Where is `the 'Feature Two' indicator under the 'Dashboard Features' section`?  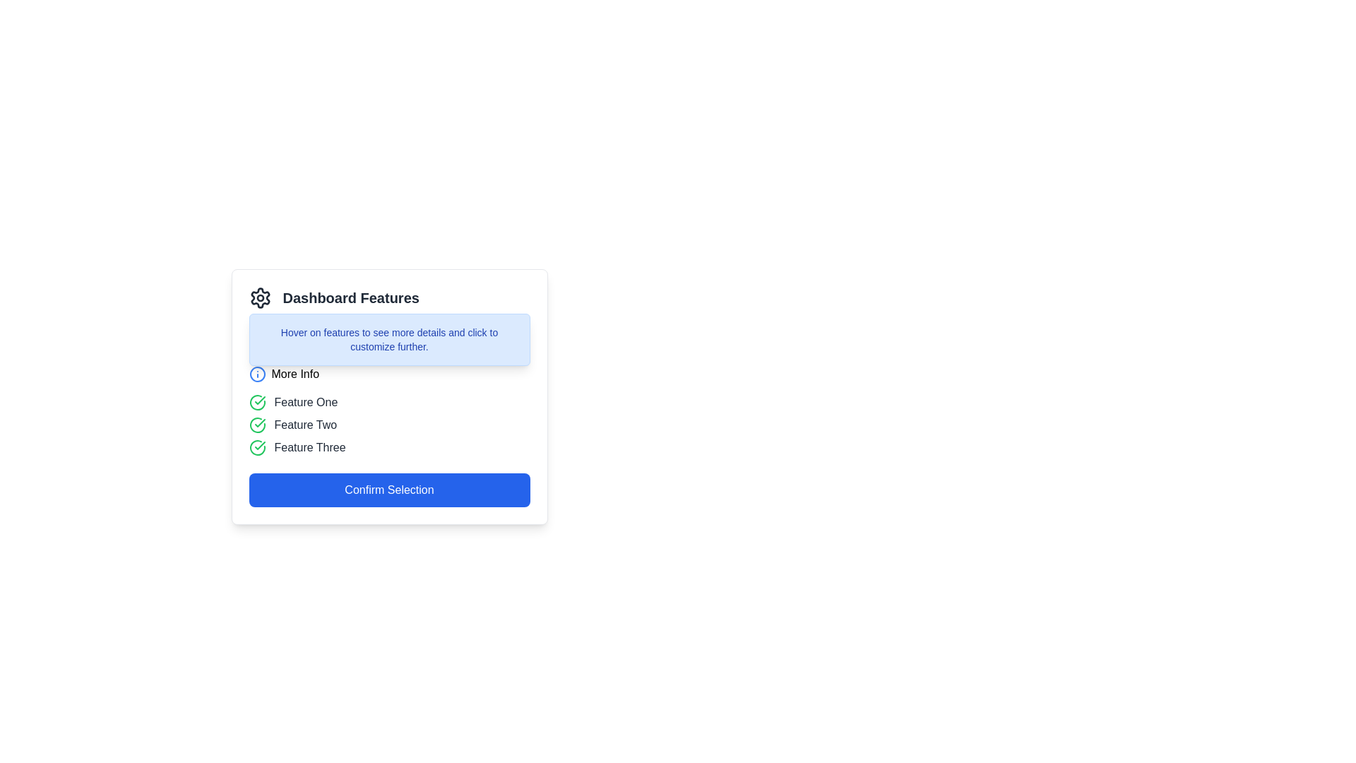
the 'Feature Two' indicator under the 'Dashboard Features' section is located at coordinates (389, 424).